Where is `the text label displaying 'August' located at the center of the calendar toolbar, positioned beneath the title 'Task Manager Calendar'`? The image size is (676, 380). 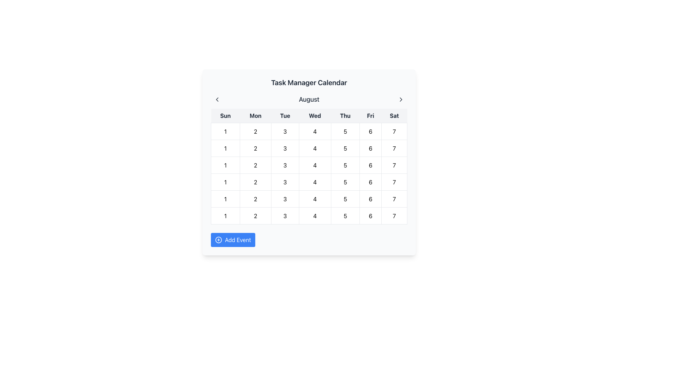 the text label displaying 'August' located at the center of the calendar toolbar, positioned beneath the title 'Task Manager Calendar' is located at coordinates (309, 99).